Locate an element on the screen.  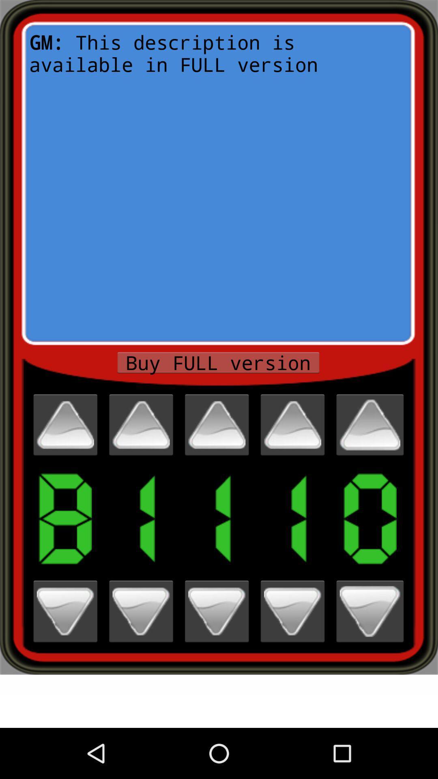
decrease number 3 is located at coordinates (216, 611).